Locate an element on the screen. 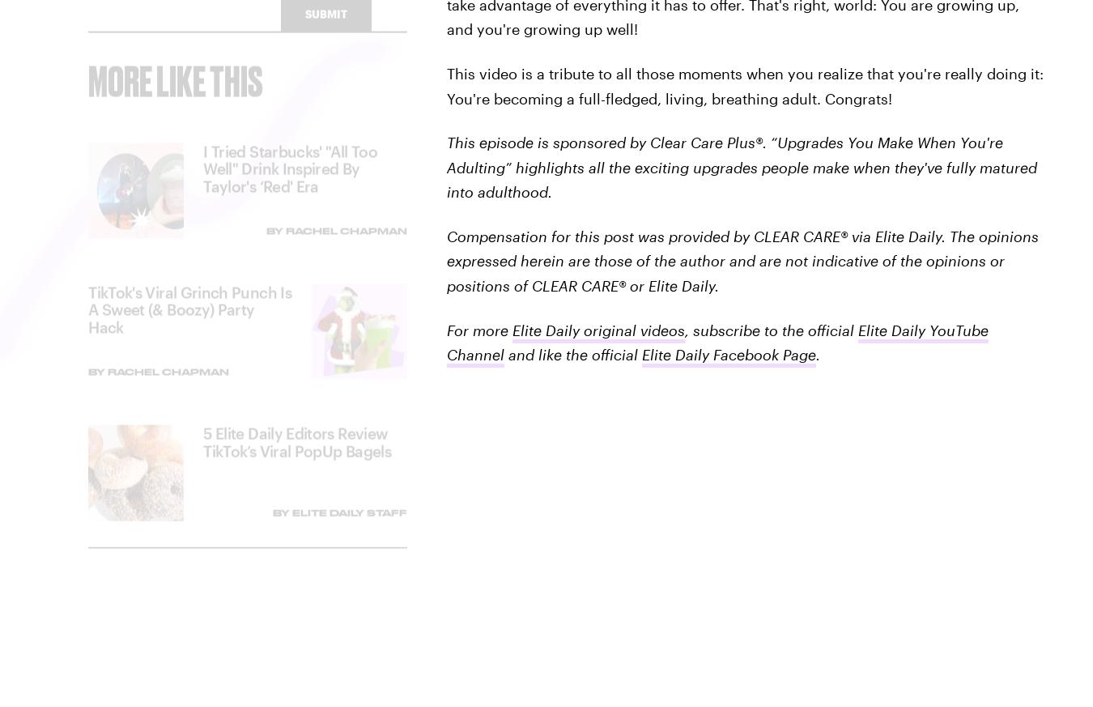 The width and height of the screenshot is (1093, 707). 'Submit' is located at coordinates (325, 26).